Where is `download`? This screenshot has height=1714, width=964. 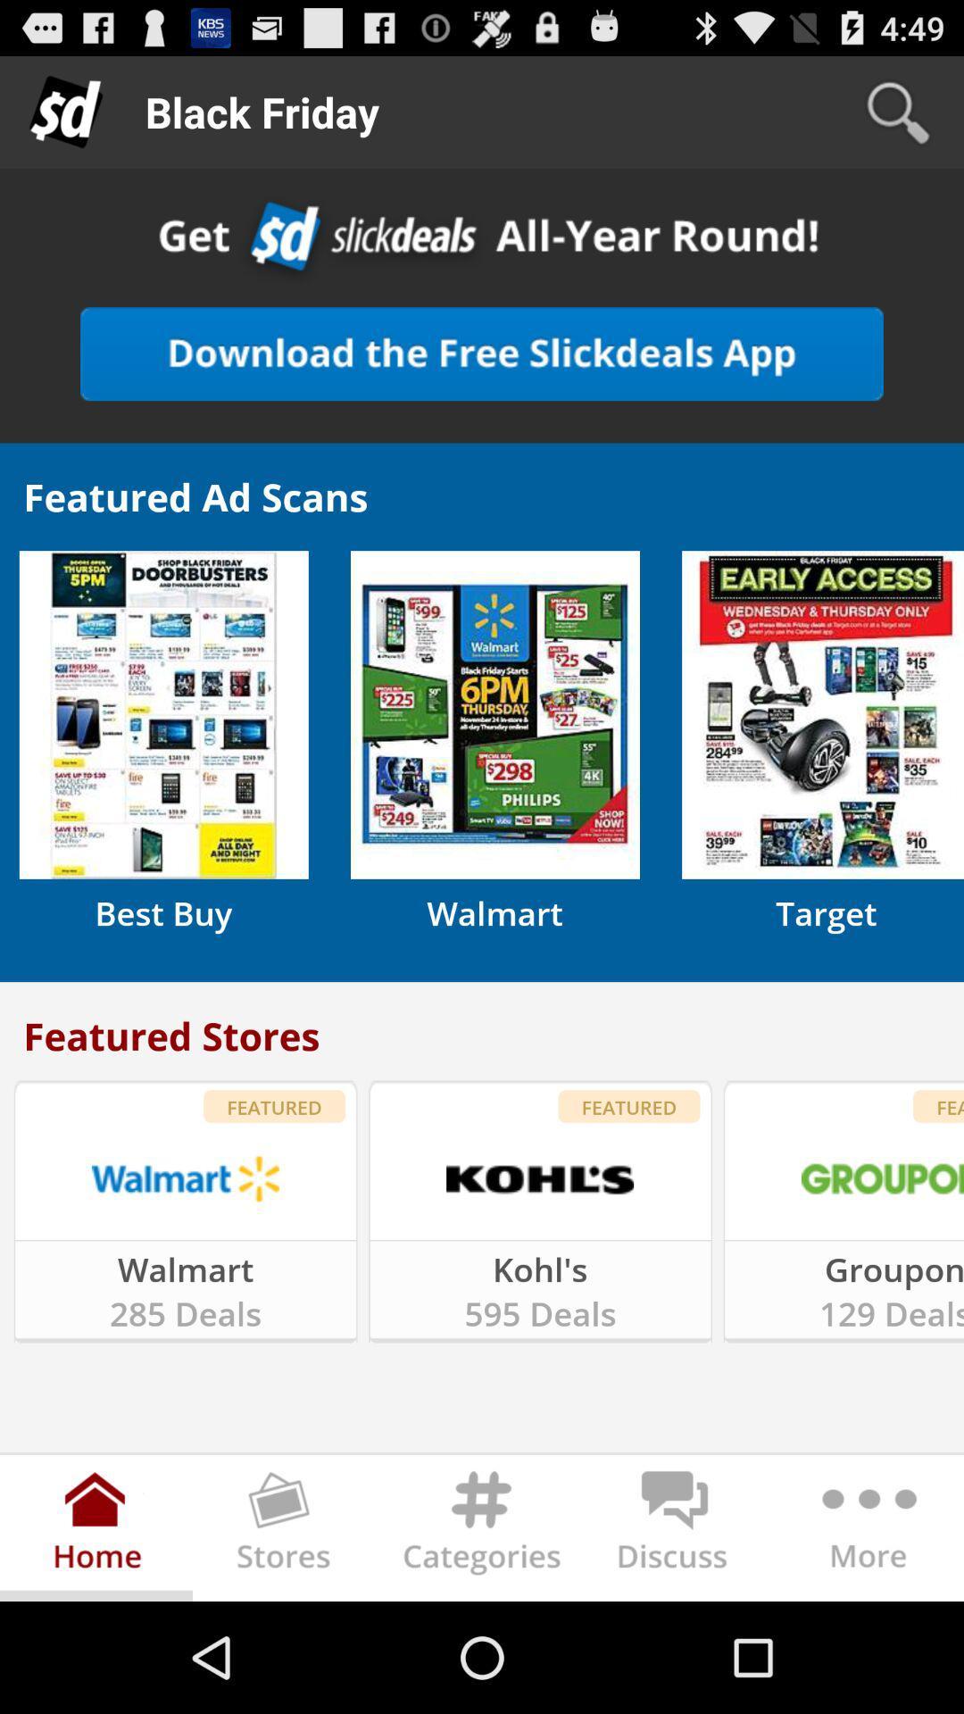 download is located at coordinates (482, 354).